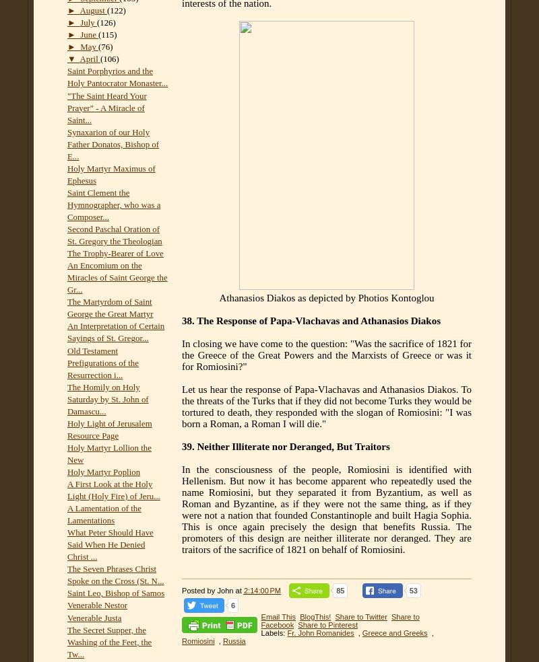  I want to click on 'John', so click(226, 591).